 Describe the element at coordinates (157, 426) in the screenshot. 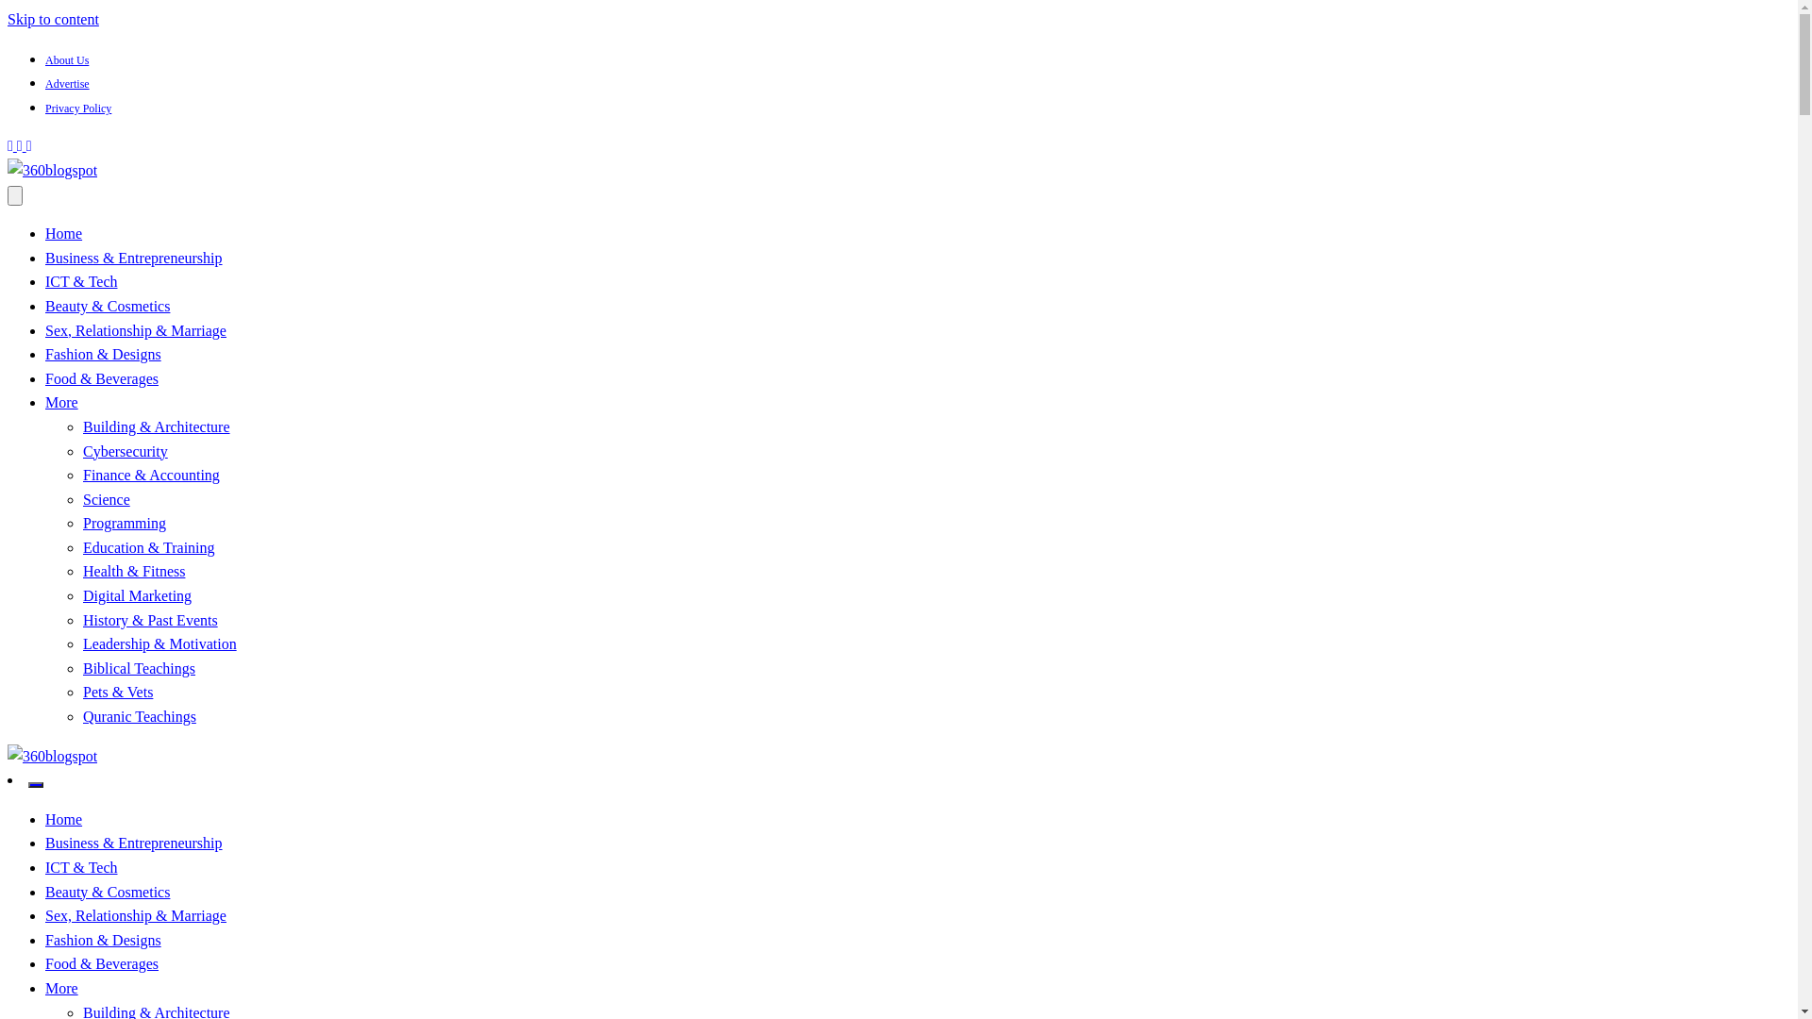

I see `'Building & Architecture'` at that location.